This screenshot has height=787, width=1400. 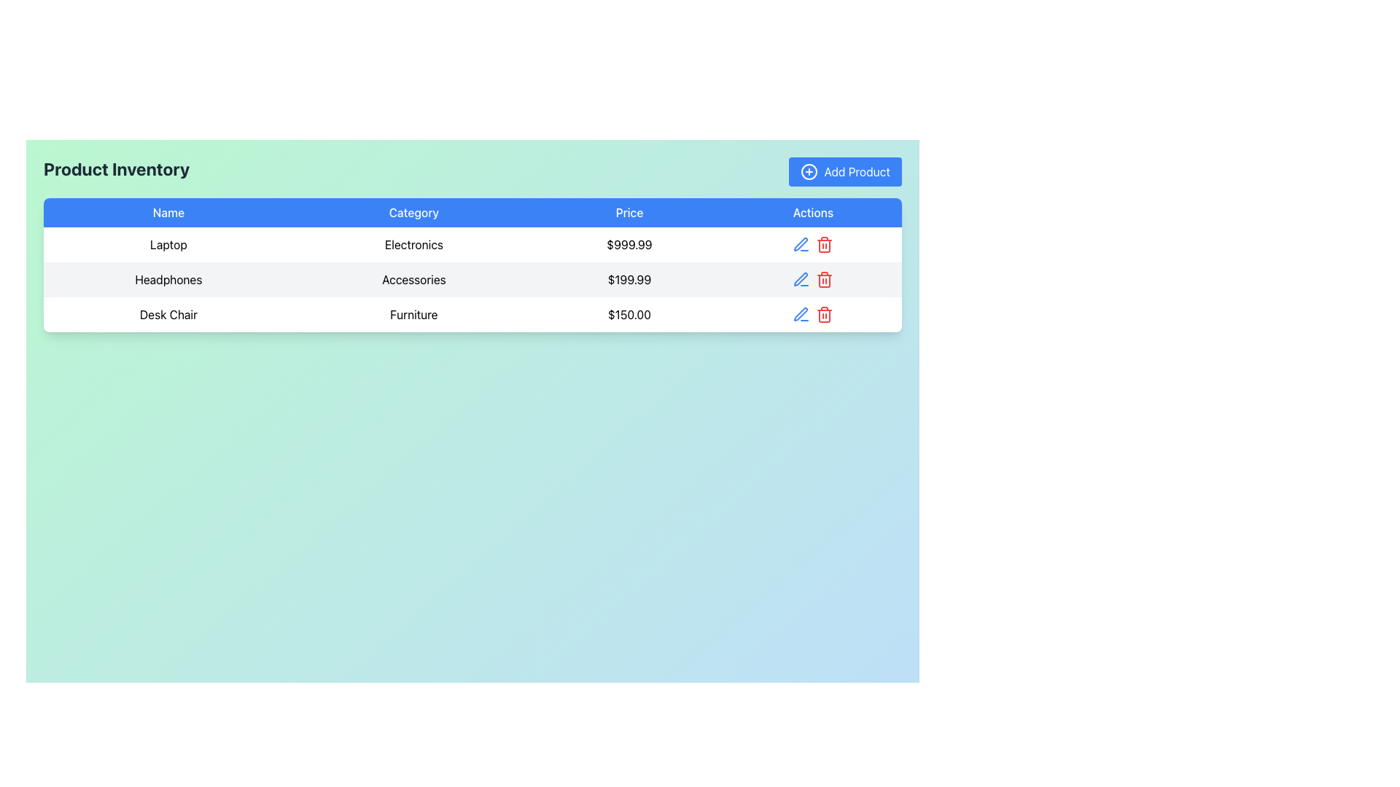 What do you see at coordinates (117, 171) in the screenshot?
I see `displayed information from the heading element that contains bold text reading 'Product Inventory' situated on a soft green background` at bounding box center [117, 171].